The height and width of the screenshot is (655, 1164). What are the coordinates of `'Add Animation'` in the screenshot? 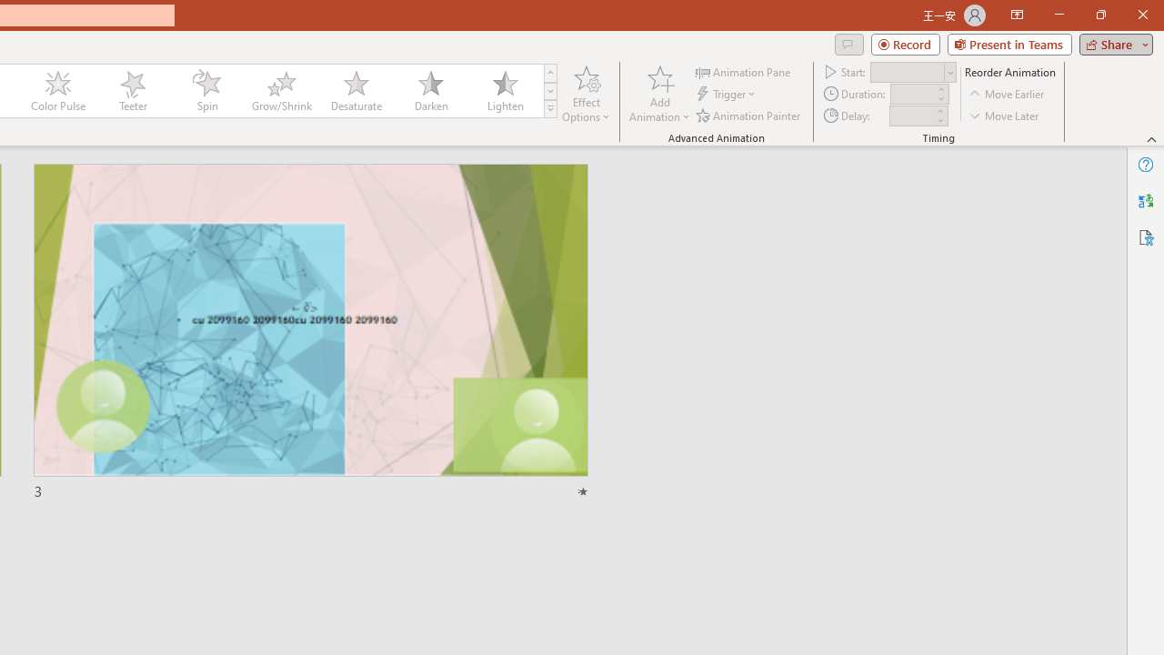 It's located at (658, 94).